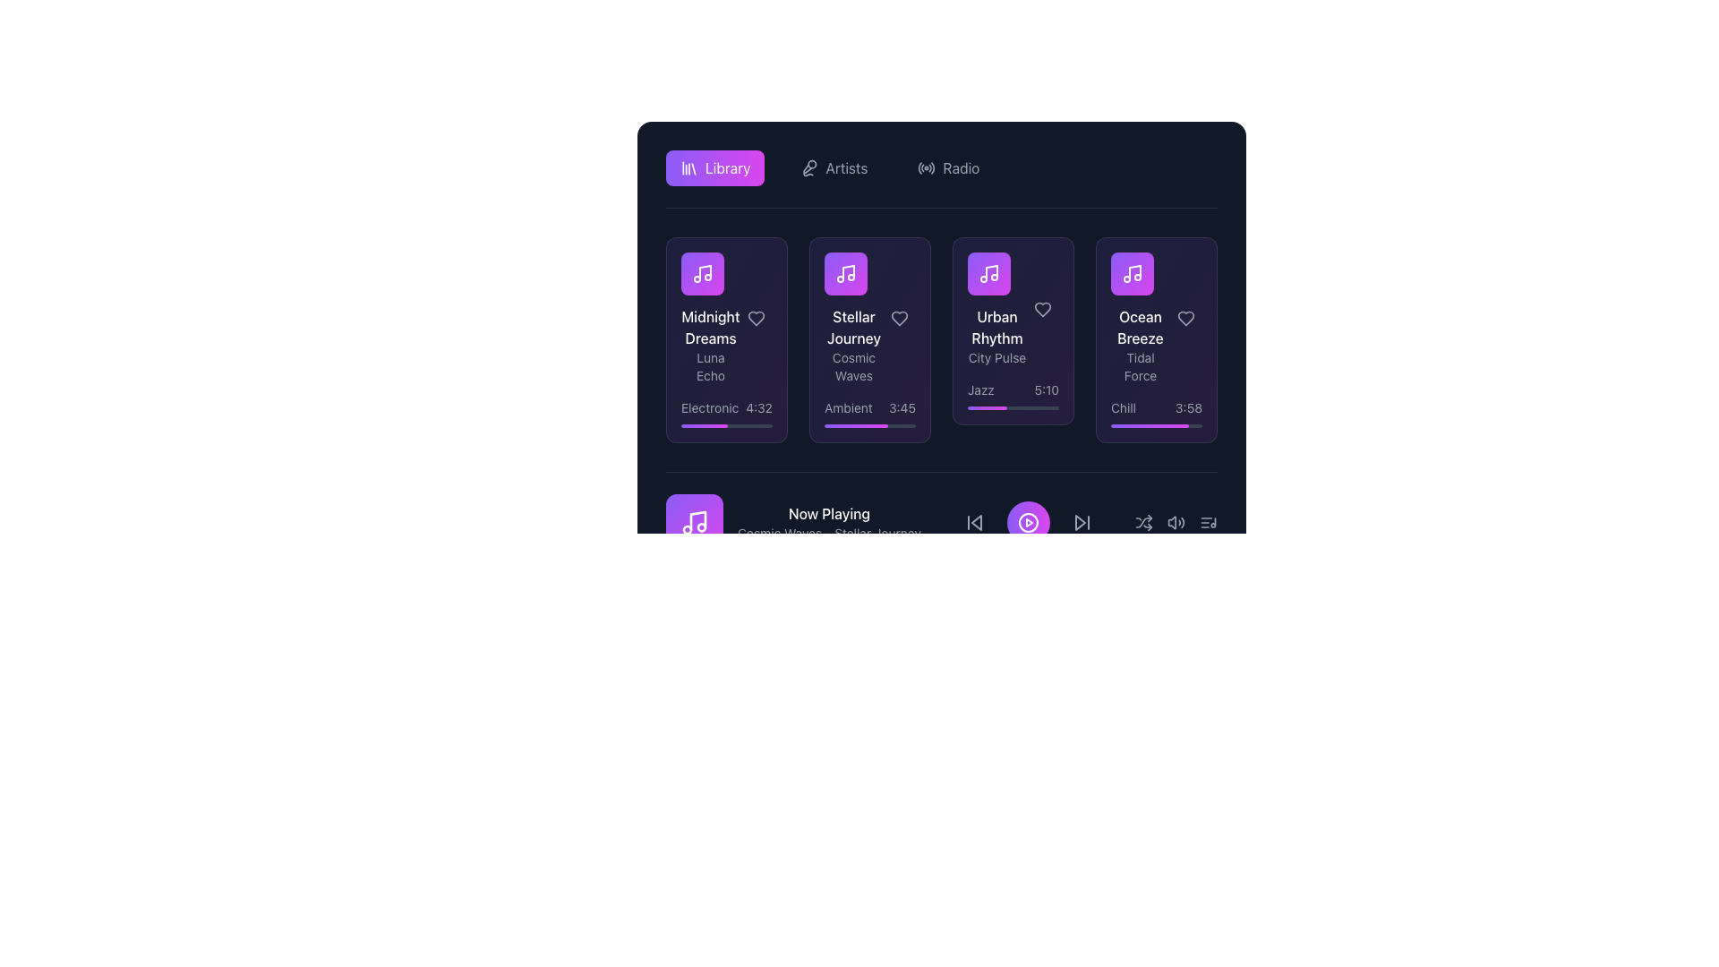 The height and width of the screenshot is (967, 1719). What do you see at coordinates (1043, 309) in the screenshot?
I see `the heart-shaped icon in the top-right corner of the 'Urban Rhythm' content card to mark the content as liked` at bounding box center [1043, 309].